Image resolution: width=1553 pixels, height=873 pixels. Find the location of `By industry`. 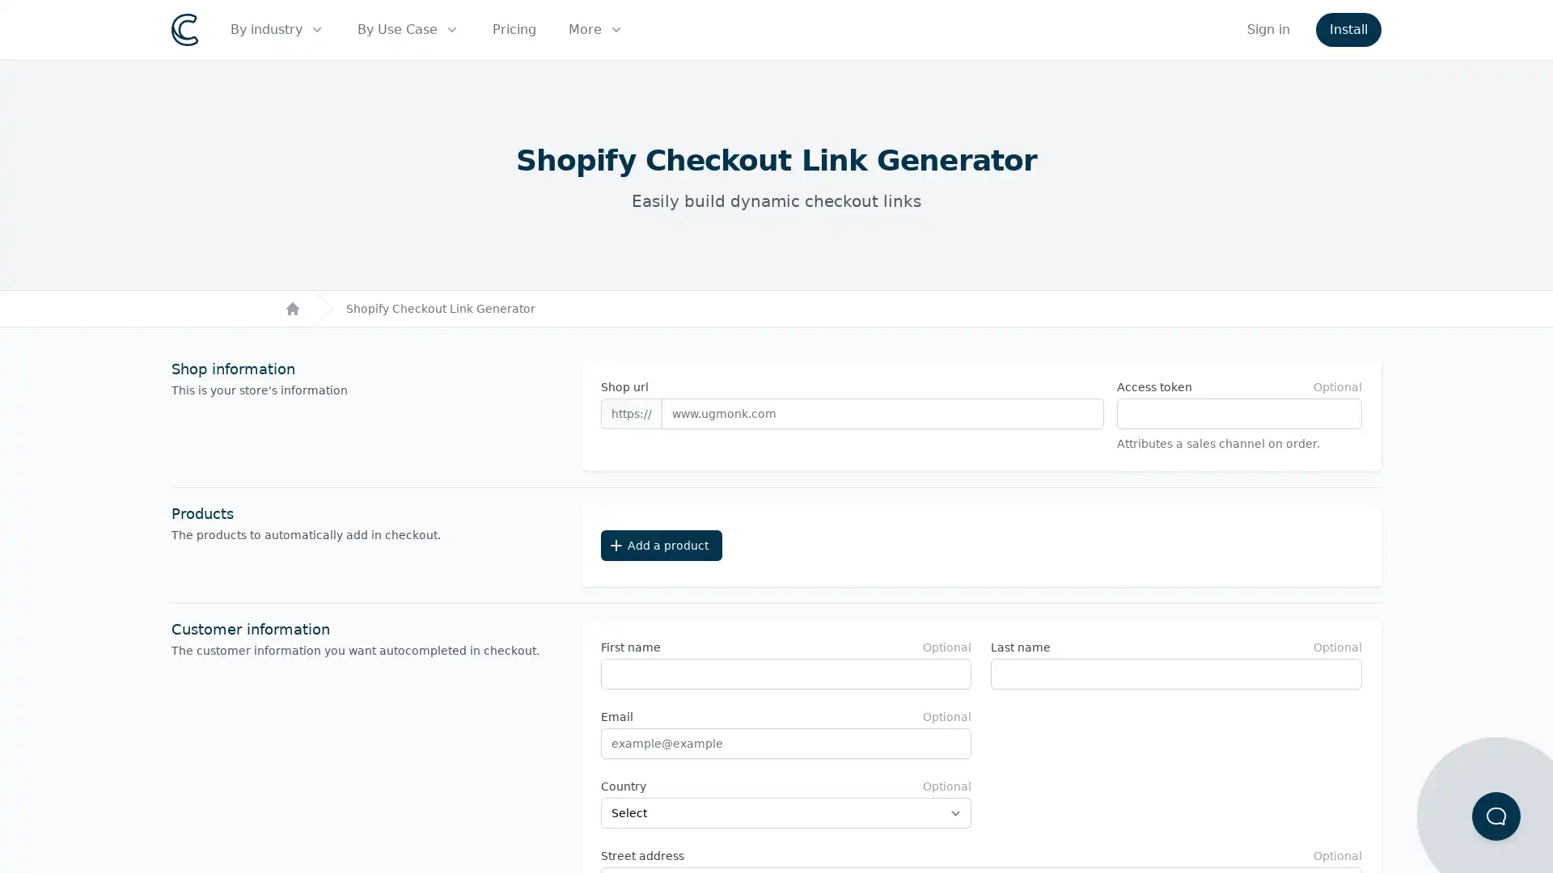

By industry is located at coordinates (277, 30).